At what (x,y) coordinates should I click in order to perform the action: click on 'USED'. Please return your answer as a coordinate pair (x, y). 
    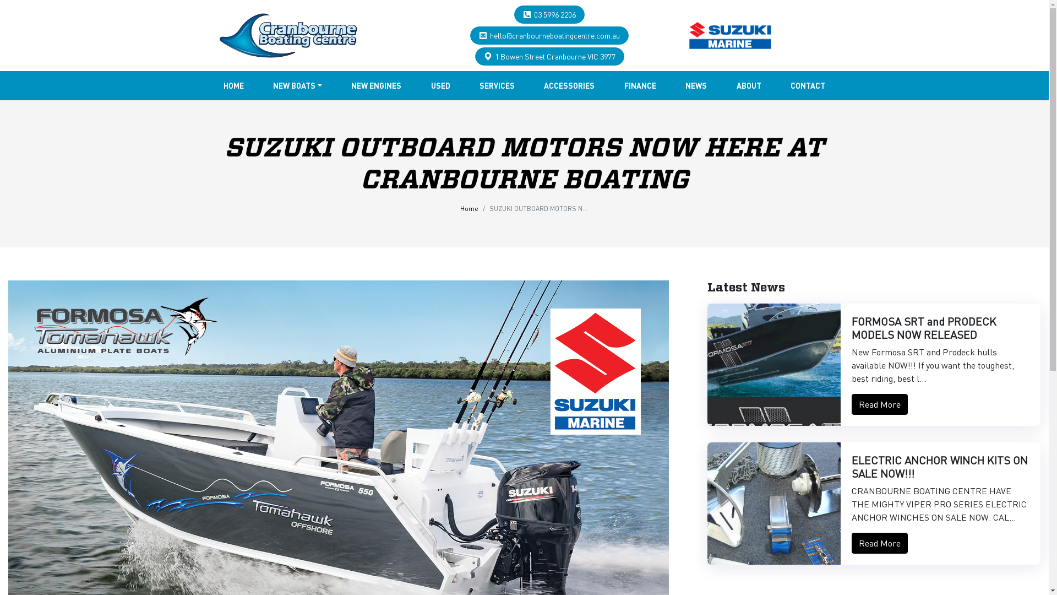
    Looking at the image, I should click on (440, 85).